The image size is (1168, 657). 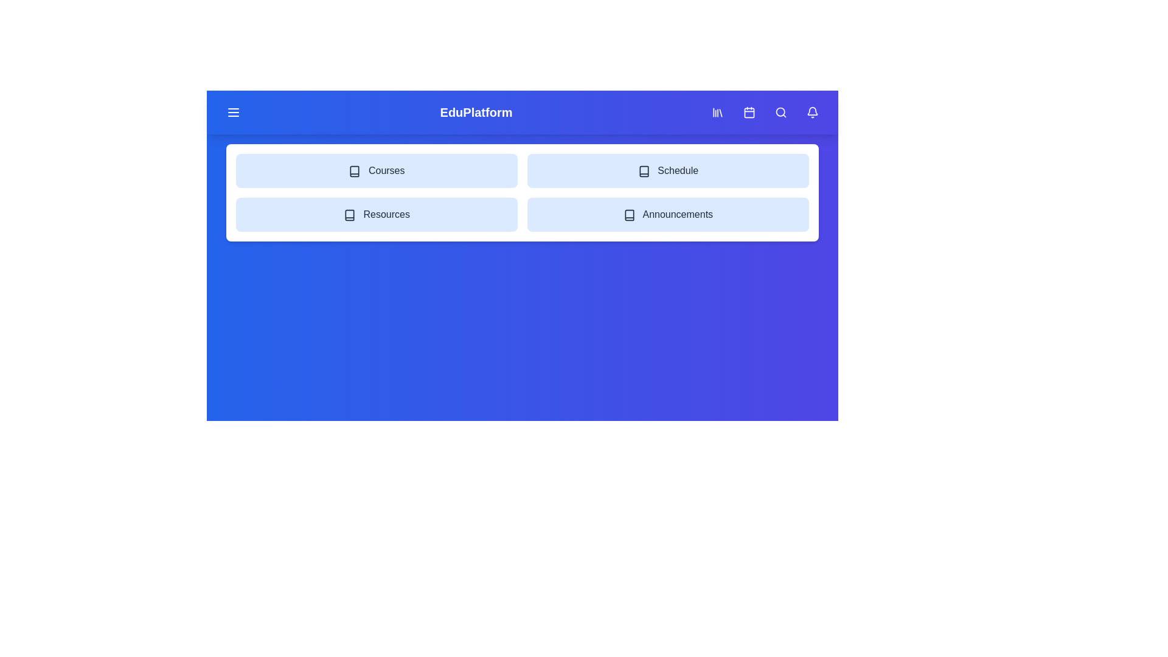 What do you see at coordinates (749, 113) in the screenshot?
I see `the 'Calendar' icon button` at bounding box center [749, 113].